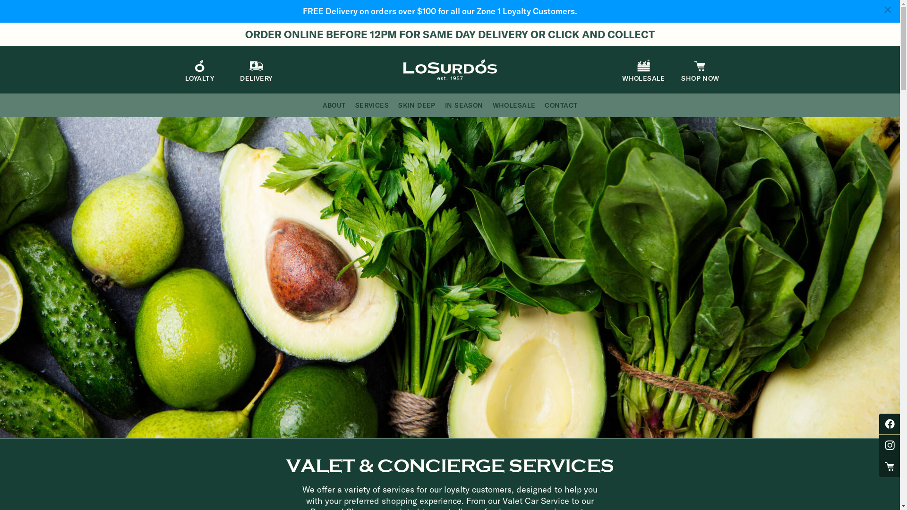 The width and height of the screenshot is (907, 510). What do you see at coordinates (317, 105) in the screenshot?
I see `'ABOUT'` at bounding box center [317, 105].